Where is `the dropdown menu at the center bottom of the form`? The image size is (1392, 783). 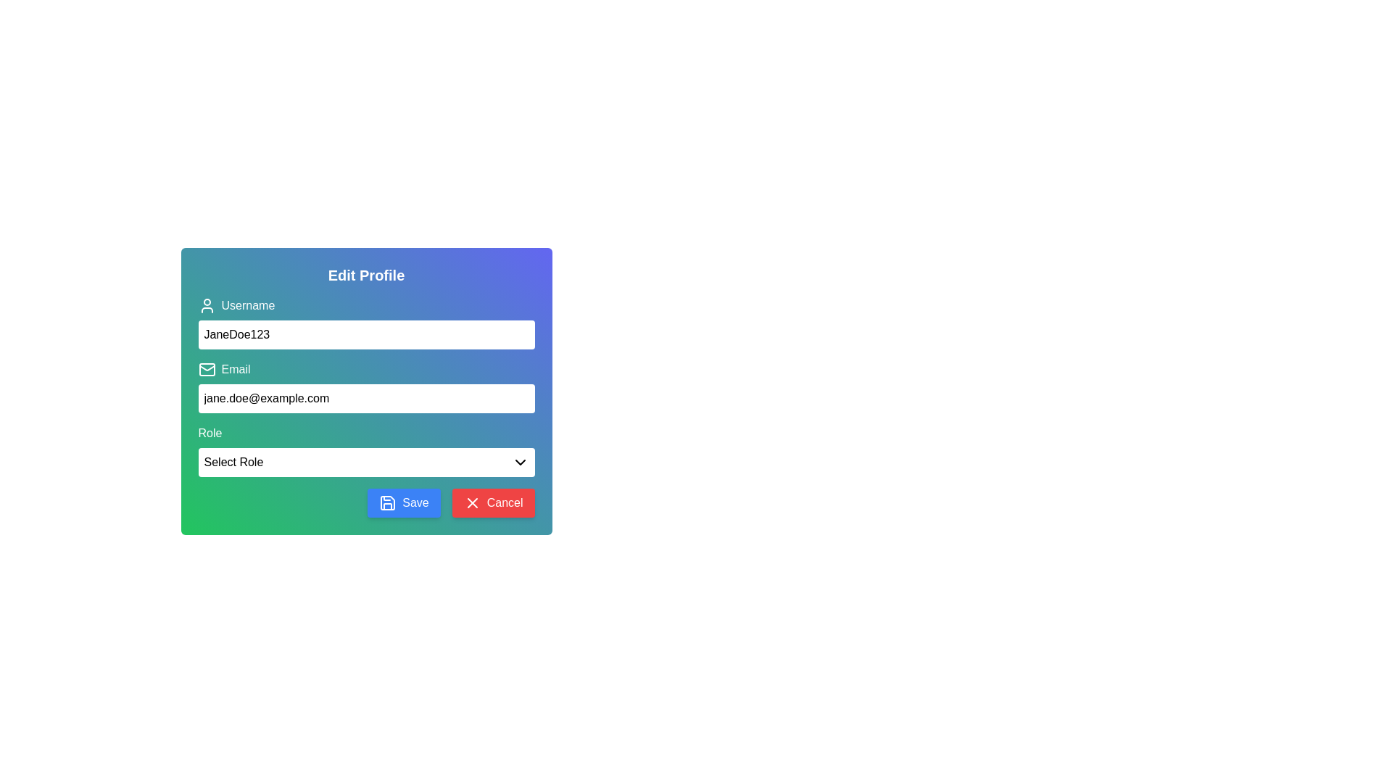
the dropdown menu at the center bottom of the form is located at coordinates (366, 462).